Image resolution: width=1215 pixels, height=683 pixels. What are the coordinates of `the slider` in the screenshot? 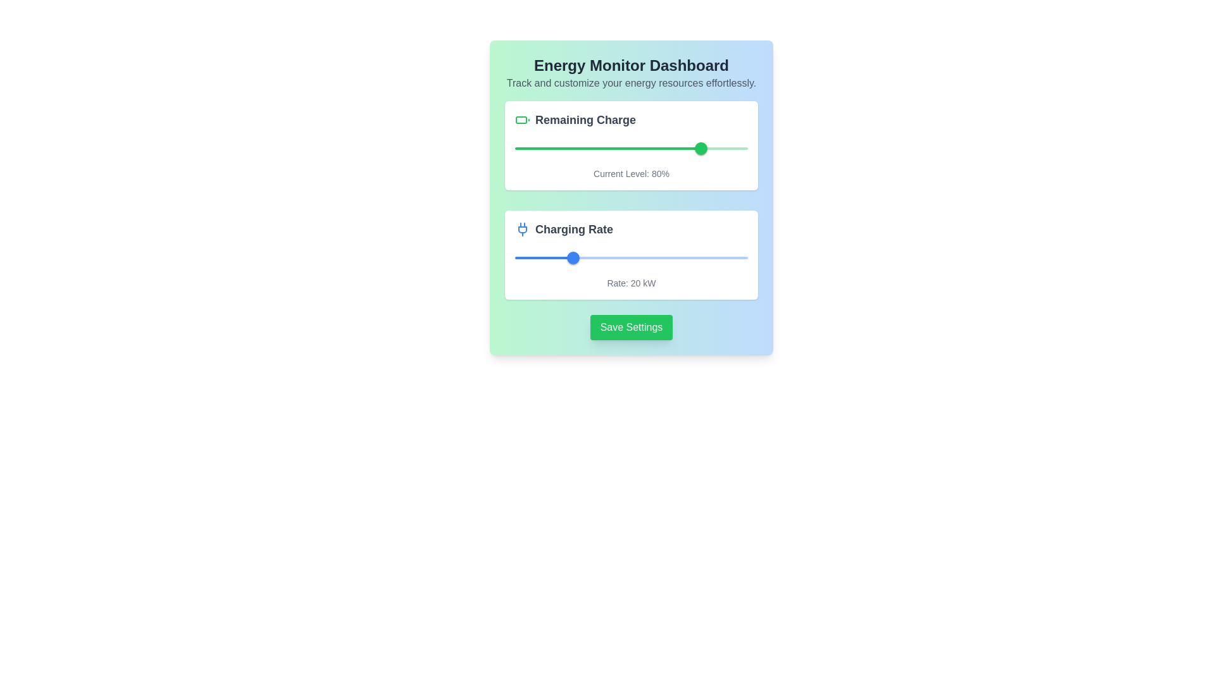 It's located at (526, 257).